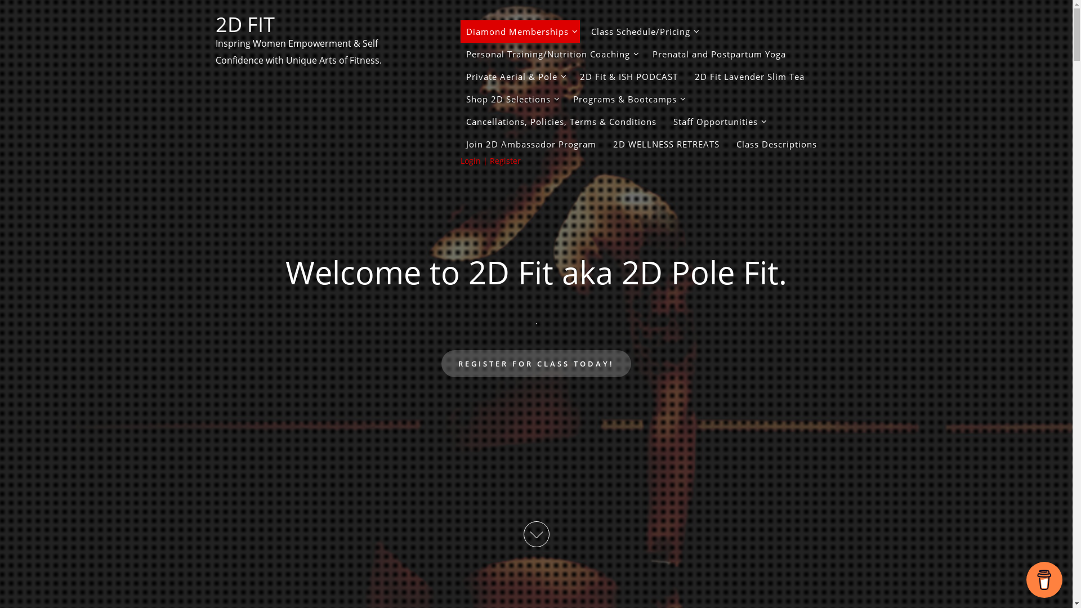 The image size is (1081, 608). Describe the element at coordinates (520, 31) in the screenshot. I see `'Diamond Memberships'` at that location.